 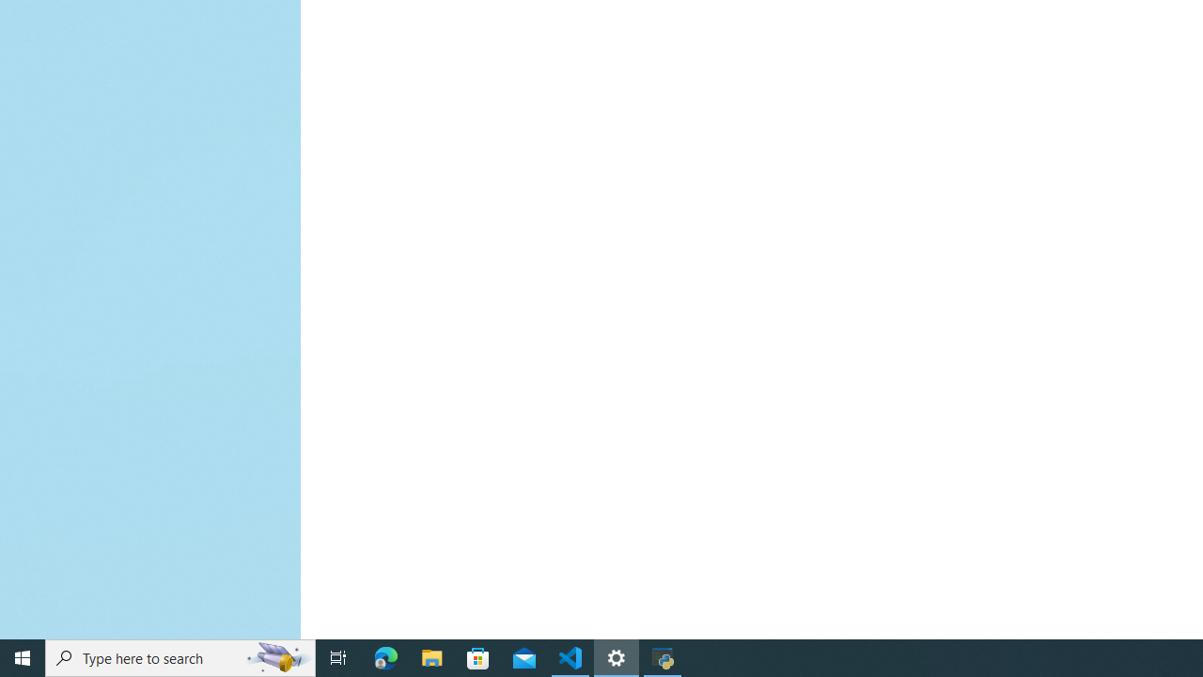 What do you see at coordinates (337, 656) in the screenshot?
I see `'Task View'` at bounding box center [337, 656].